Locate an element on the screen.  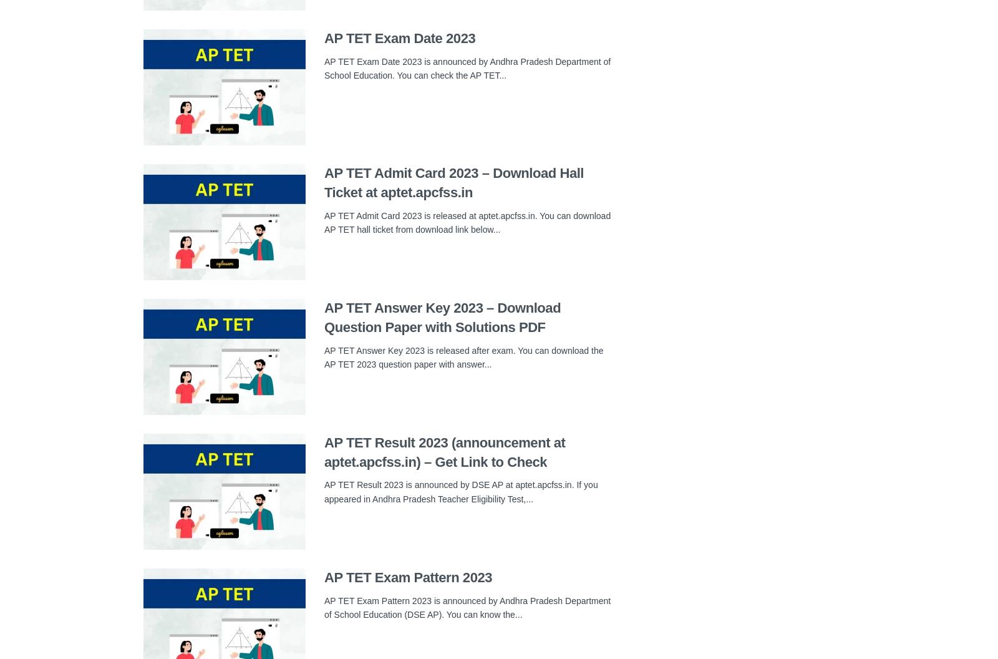
'AP TET Admit Card 2023 – Download Hall Ticket at aptet.apcfss.in' is located at coordinates (324, 182).